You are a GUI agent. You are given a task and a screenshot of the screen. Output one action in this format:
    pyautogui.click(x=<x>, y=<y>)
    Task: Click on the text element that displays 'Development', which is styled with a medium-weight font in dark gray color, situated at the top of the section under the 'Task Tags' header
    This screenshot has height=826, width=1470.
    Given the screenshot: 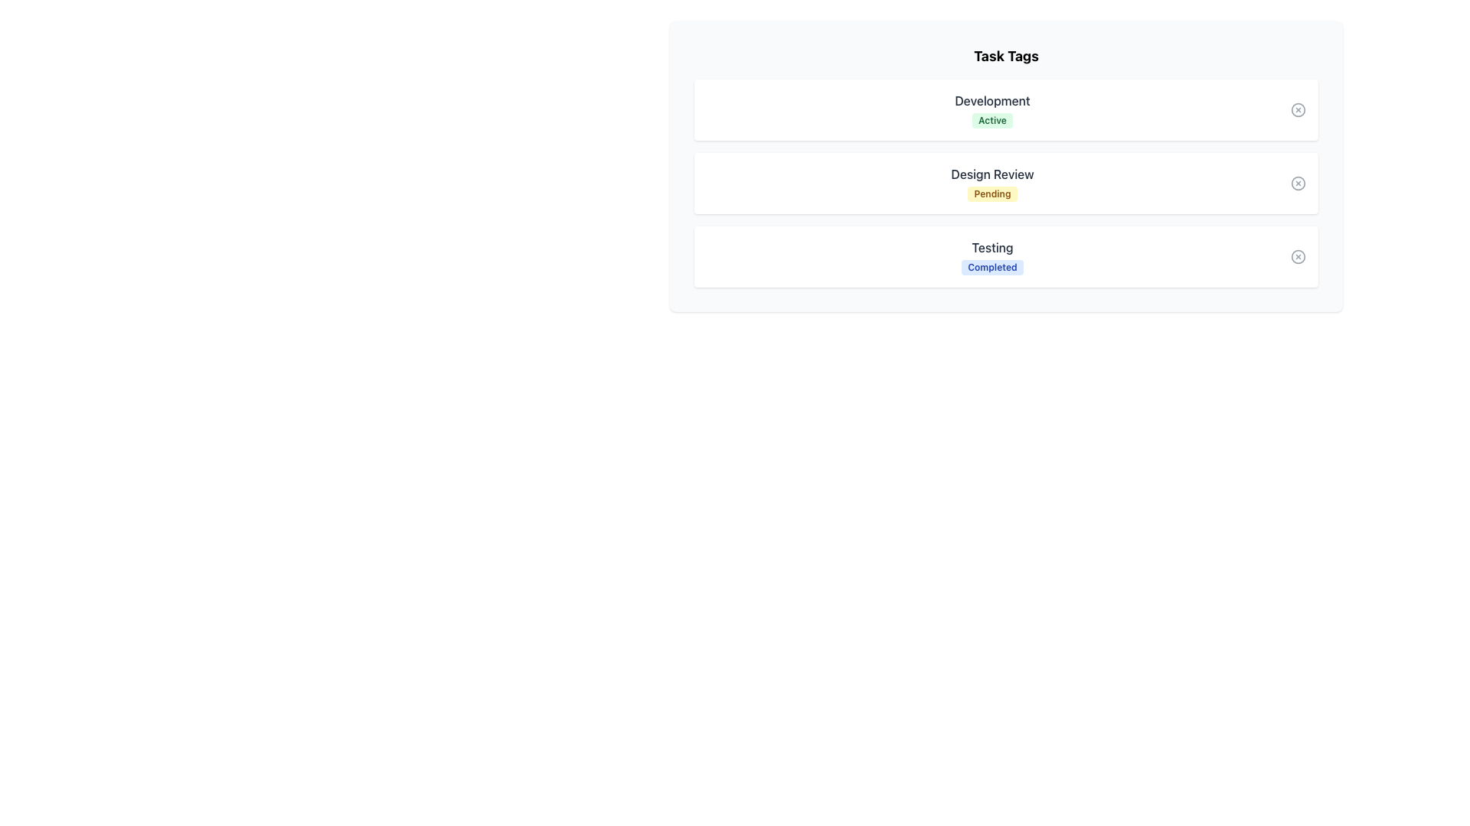 What is the action you would take?
    pyautogui.click(x=992, y=100)
    